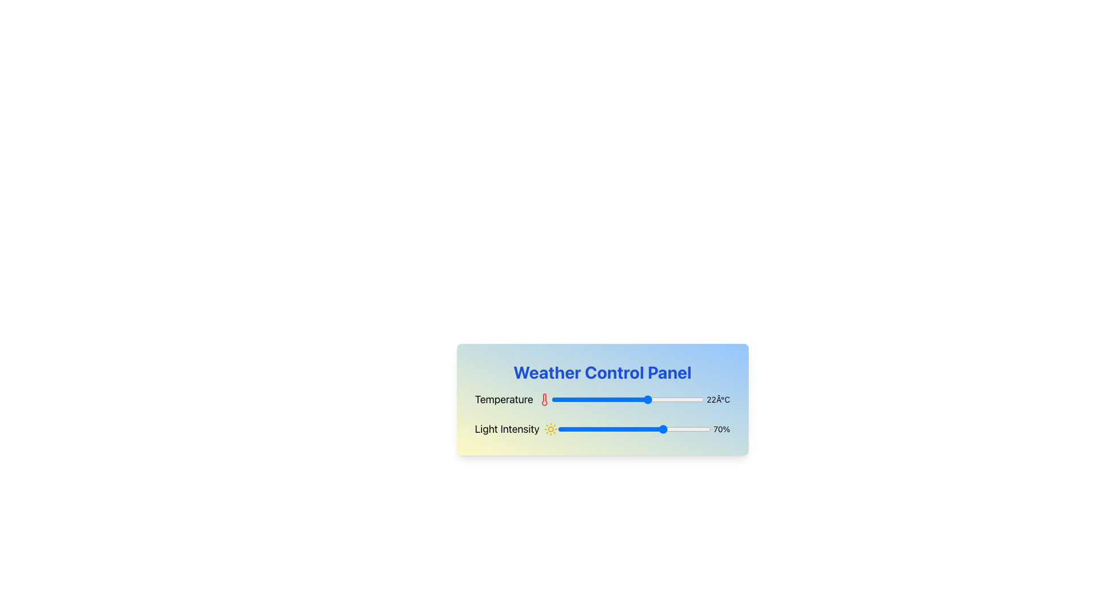 The image size is (1094, 615). What do you see at coordinates (606, 399) in the screenshot?
I see `the temperature slider` at bounding box center [606, 399].